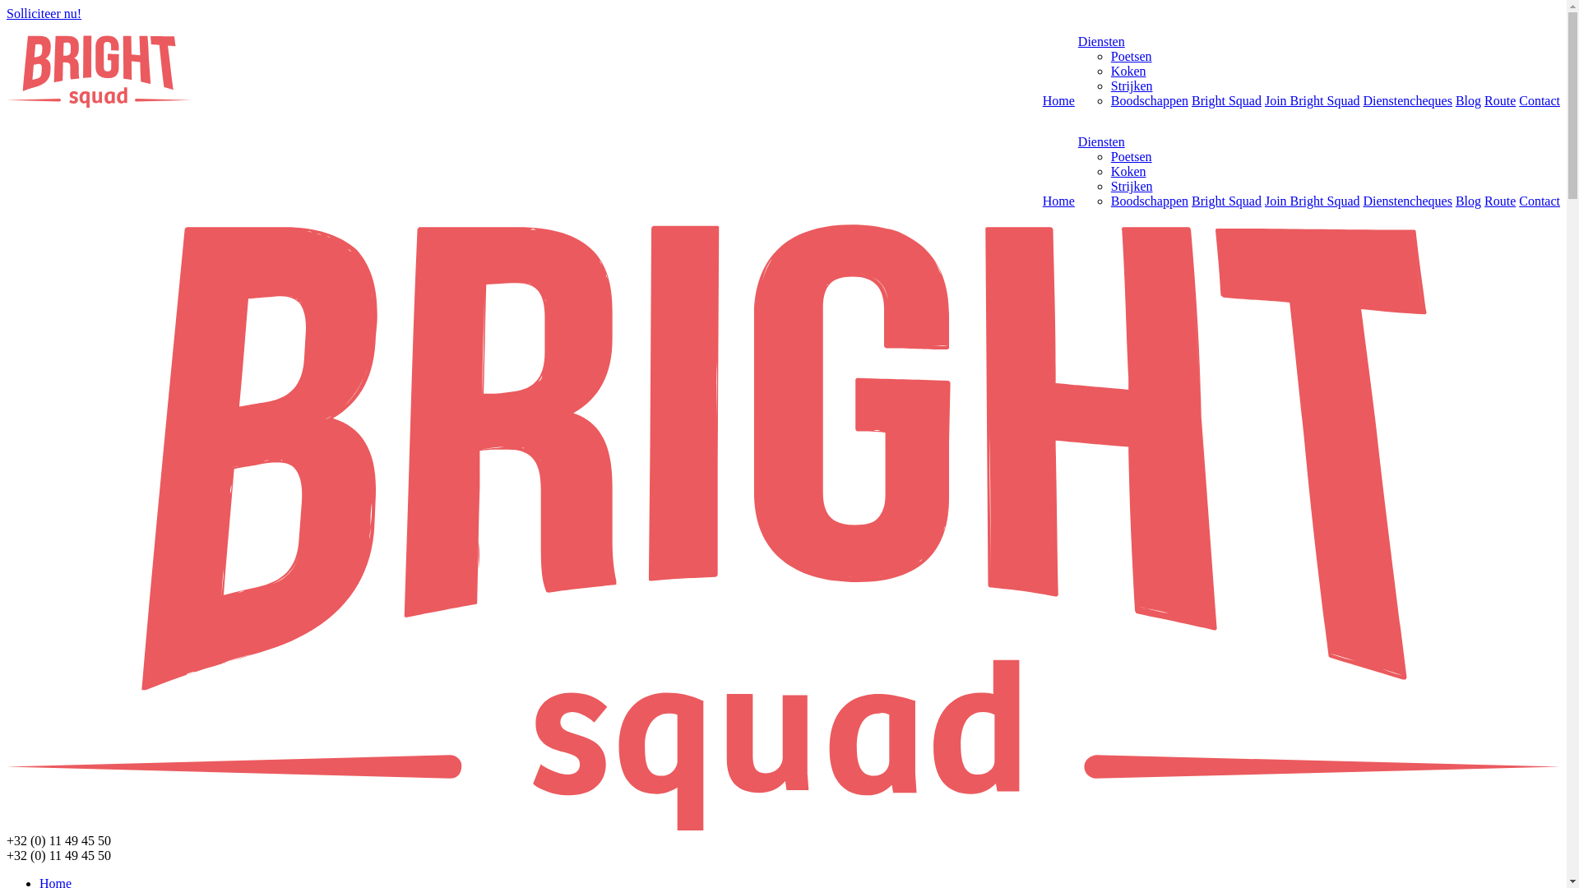 This screenshot has width=1579, height=888. What do you see at coordinates (1500, 200) in the screenshot?
I see `'Route'` at bounding box center [1500, 200].